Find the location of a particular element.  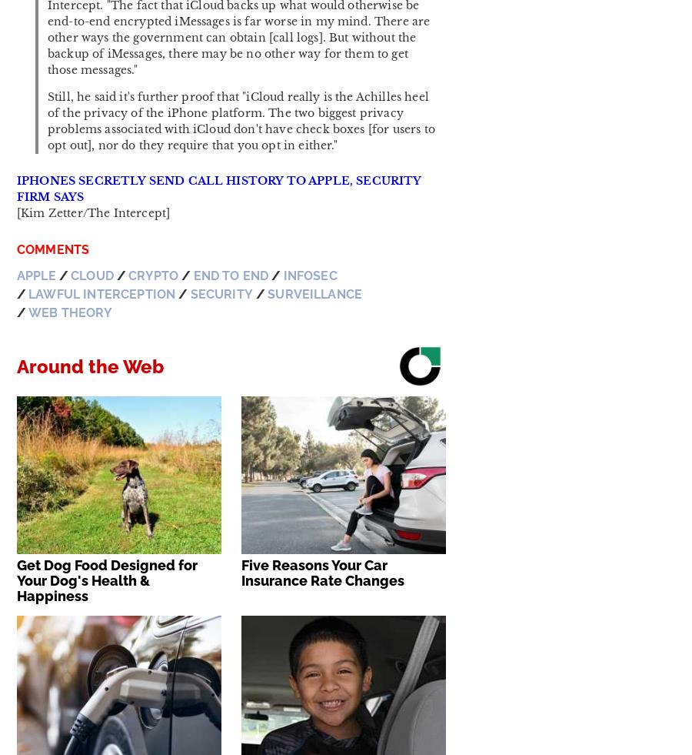

'security' is located at coordinates (220, 293).